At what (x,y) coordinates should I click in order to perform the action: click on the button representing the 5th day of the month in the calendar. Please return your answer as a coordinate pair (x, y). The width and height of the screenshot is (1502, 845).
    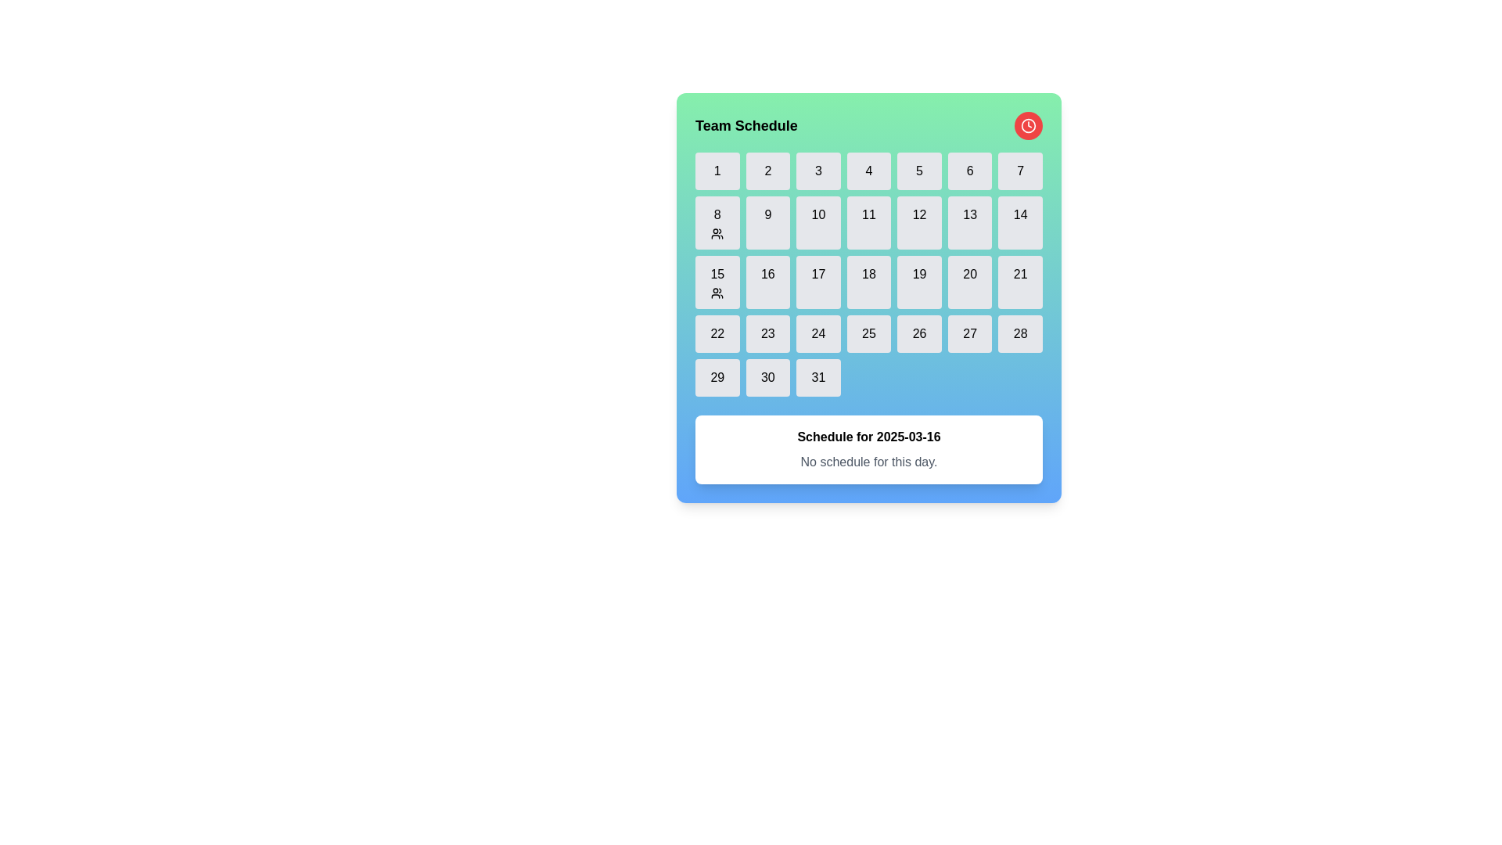
    Looking at the image, I should click on (919, 171).